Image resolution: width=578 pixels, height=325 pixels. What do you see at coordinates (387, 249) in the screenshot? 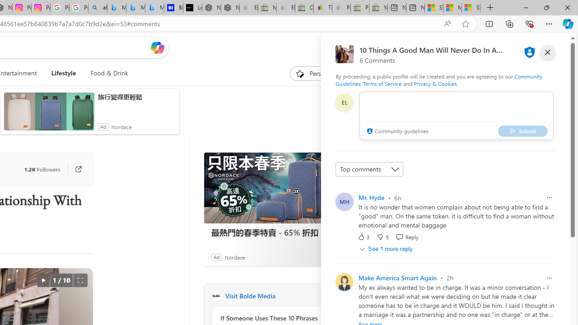
I see `'See 1 more reply'` at bounding box center [387, 249].